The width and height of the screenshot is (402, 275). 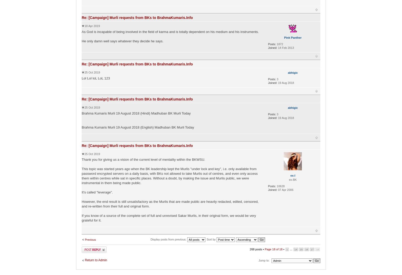 I want to click on 'However, the end result is still unsatisfactory as the Murlis that are made public are heavily redacted, edited, censored, and re-written from their full and original form.', so click(x=170, y=203).